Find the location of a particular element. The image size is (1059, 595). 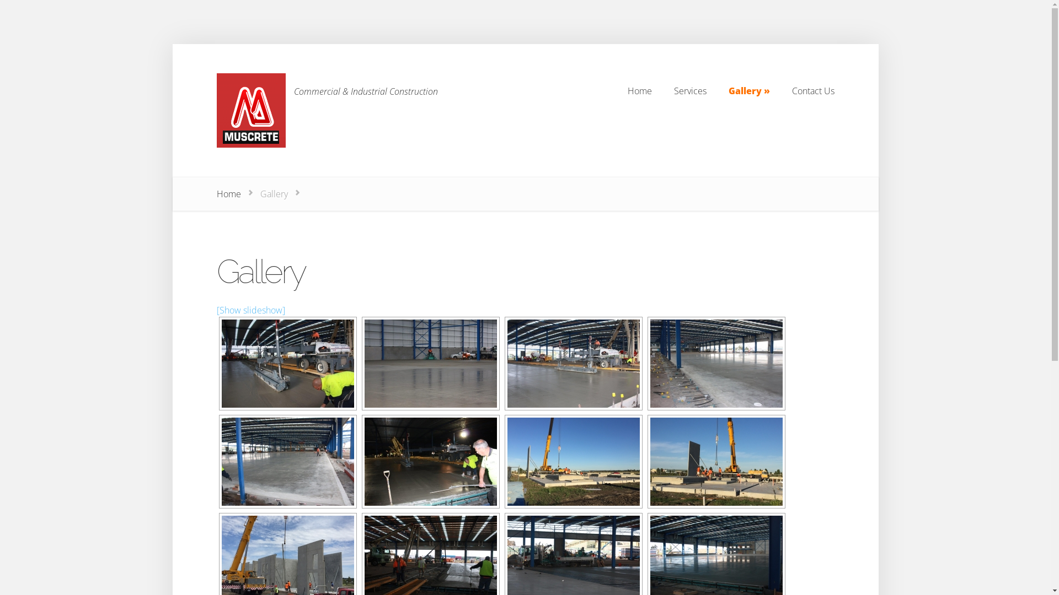

'Home' is located at coordinates (227, 193).